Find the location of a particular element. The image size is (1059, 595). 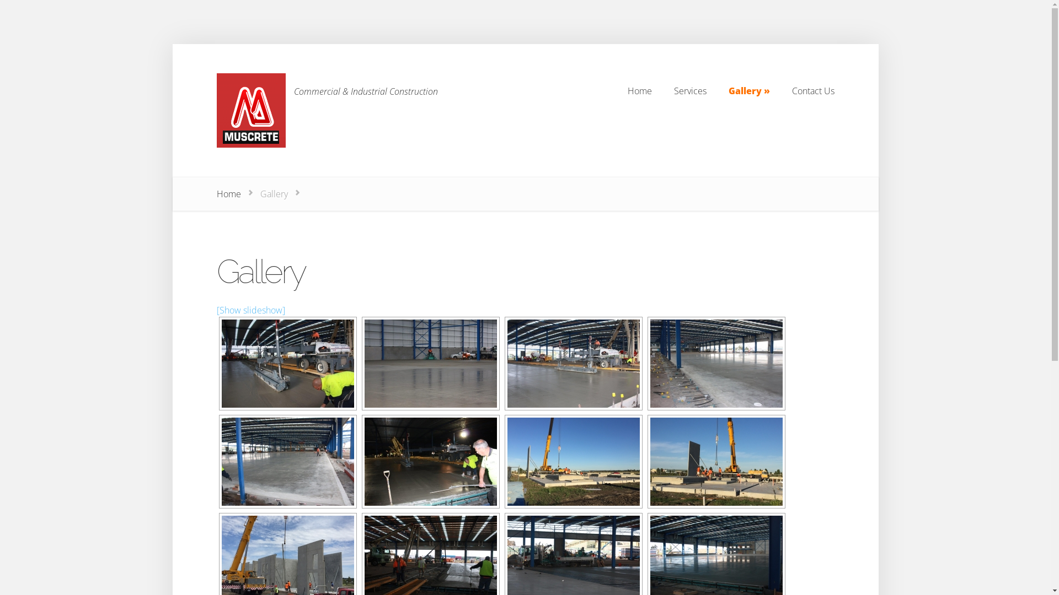

'Home' is located at coordinates (227, 193).